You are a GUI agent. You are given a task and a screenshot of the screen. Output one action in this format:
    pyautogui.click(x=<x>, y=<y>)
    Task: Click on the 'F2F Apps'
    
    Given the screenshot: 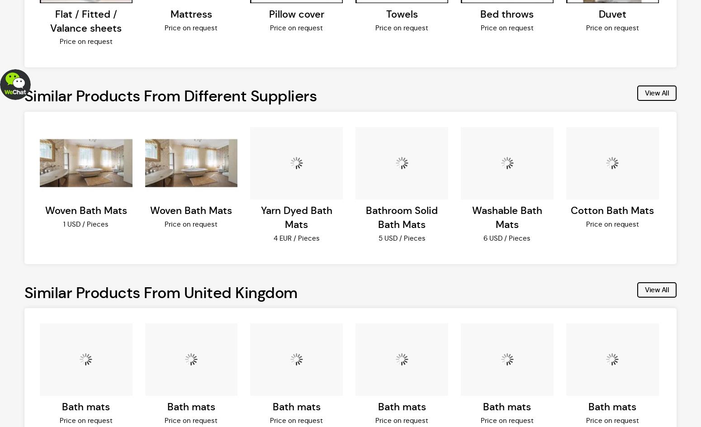 What is the action you would take?
    pyautogui.click(x=226, y=70)
    